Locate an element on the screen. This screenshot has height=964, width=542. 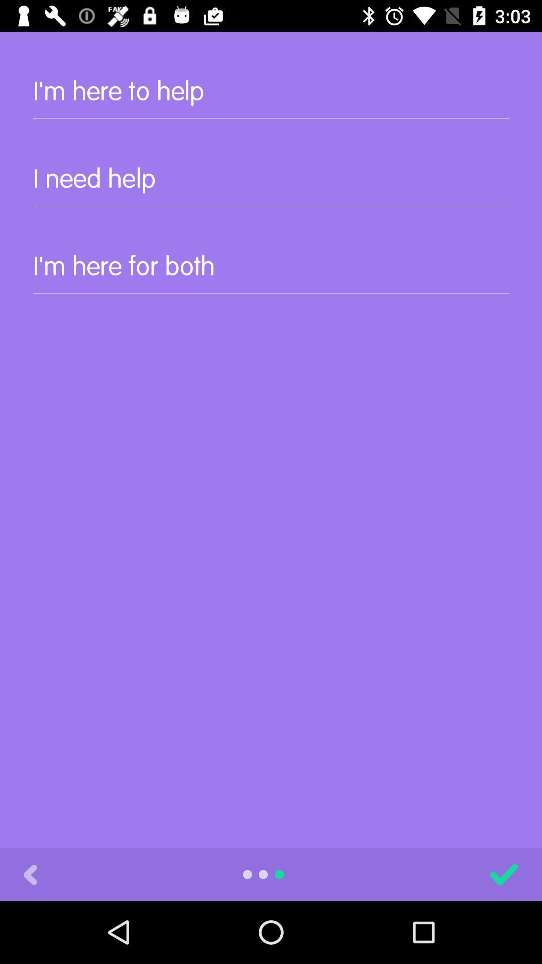
icon at the bottom right corner is located at coordinates (504, 874).